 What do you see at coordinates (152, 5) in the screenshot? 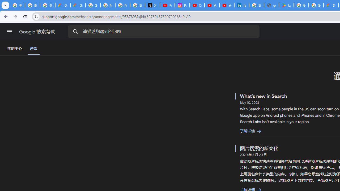
I see `'X'` at bounding box center [152, 5].